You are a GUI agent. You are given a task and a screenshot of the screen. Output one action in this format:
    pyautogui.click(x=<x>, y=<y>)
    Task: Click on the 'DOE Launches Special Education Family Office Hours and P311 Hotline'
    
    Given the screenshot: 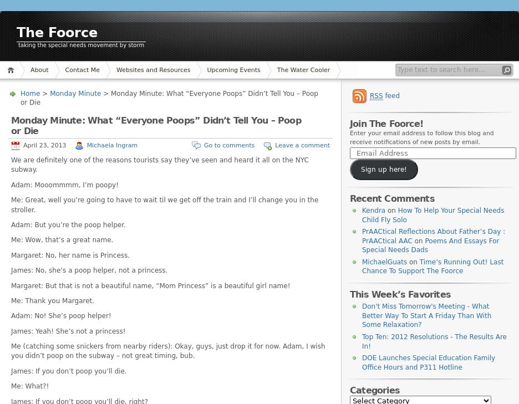 What is the action you would take?
    pyautogui.click(x=429, y=362)
    